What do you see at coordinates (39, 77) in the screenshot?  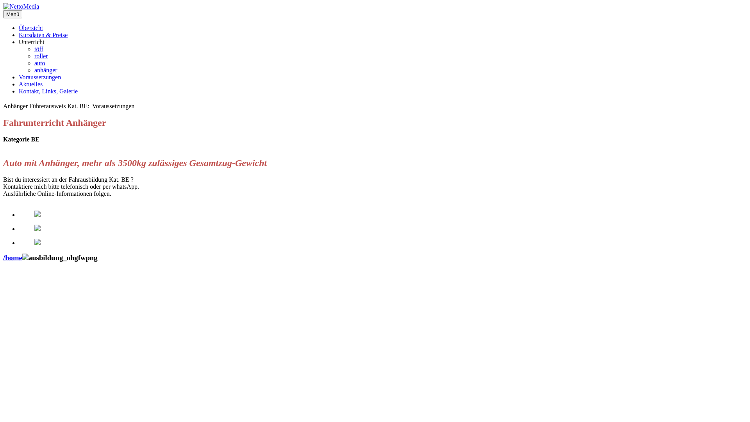 I see `'Voraussetzungen'` at bounding box center [39, 77].